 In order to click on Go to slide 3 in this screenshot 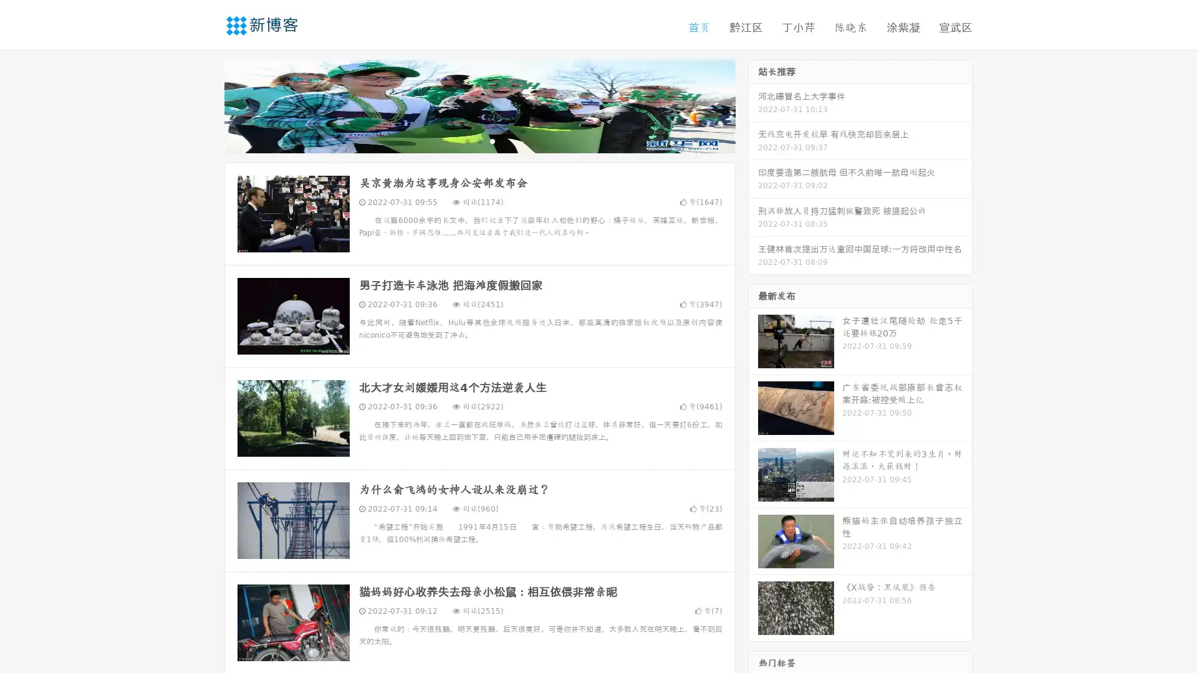, I will do `click(492, 140)`.